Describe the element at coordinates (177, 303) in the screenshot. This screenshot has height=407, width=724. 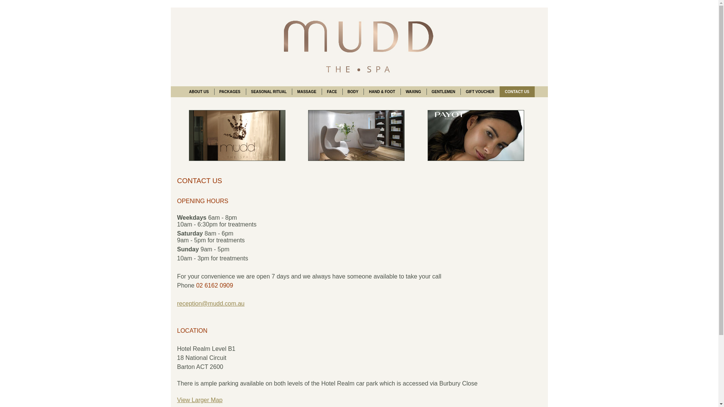
I see `'reception@mudd.com.au'` at that location.